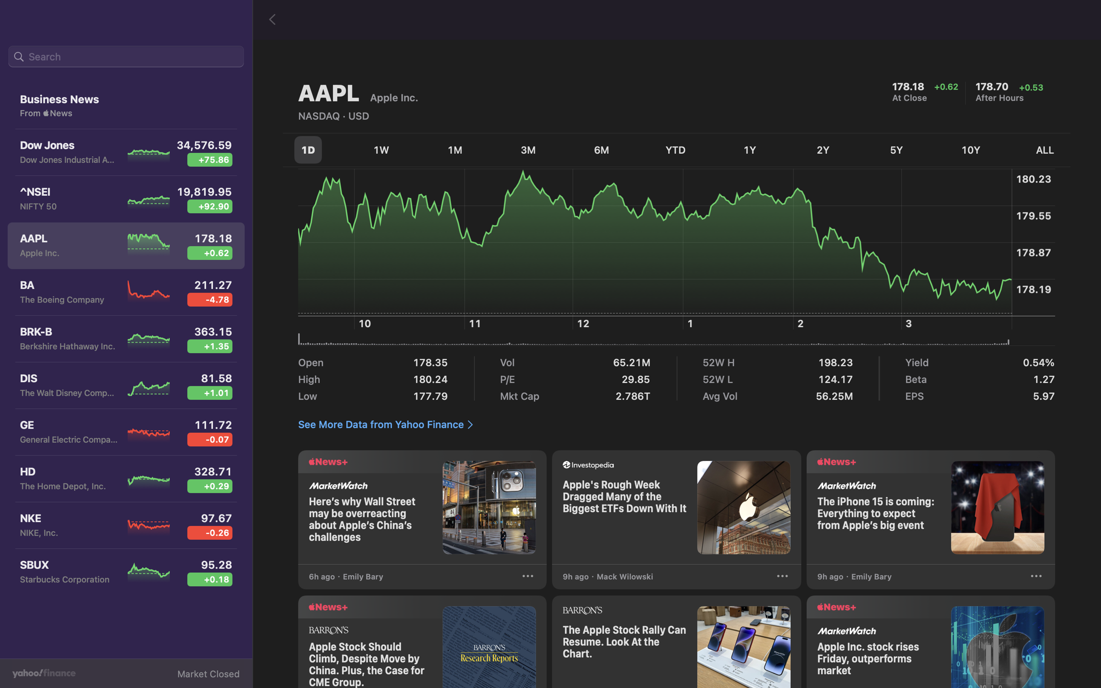 The image size is (1101, 688). I want to click on click on "3 dots" for extended actions, so click(1035, 577).